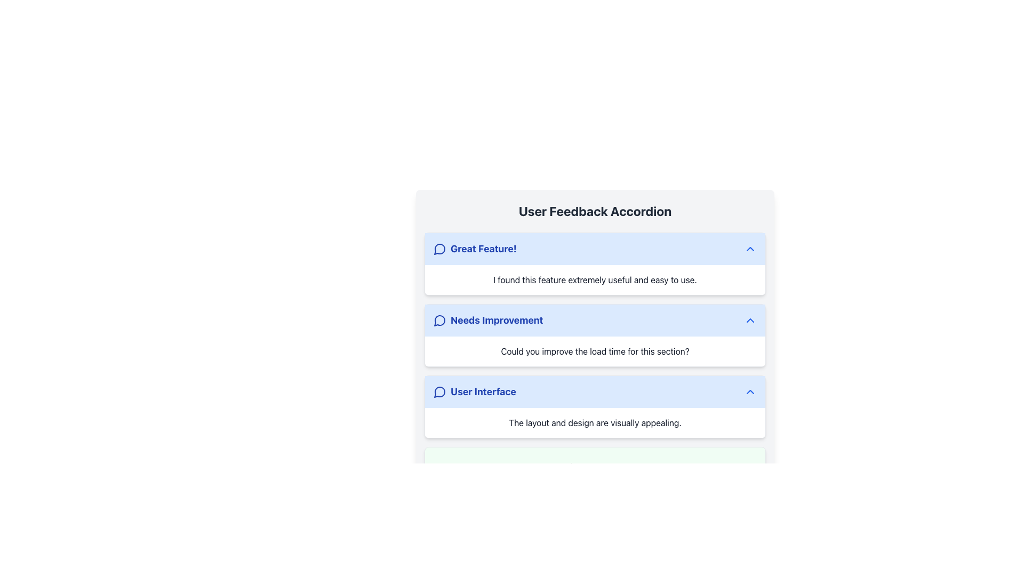 This screenshot has height=576, width=1024. Describe the element at coordinates (439, 320) in the screenshot. I see `the curvy vector graphic resembling a speech bubble's corner within the 'Needs Improvement' section of the user feedback accordion interface` at that location.